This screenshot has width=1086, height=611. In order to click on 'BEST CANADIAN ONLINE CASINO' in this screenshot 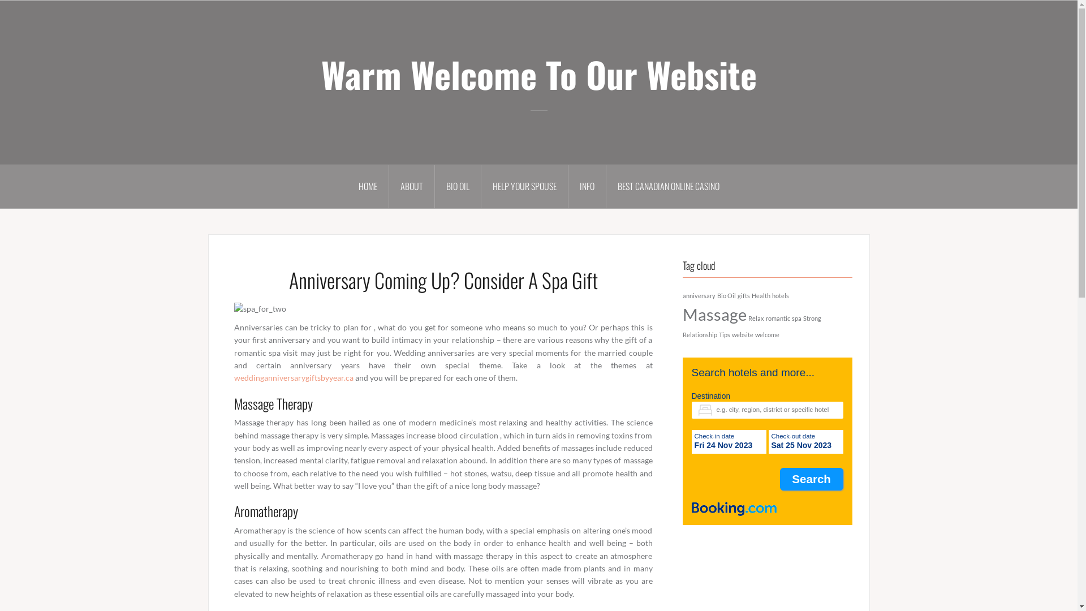, I will do `click(668, 186)`.